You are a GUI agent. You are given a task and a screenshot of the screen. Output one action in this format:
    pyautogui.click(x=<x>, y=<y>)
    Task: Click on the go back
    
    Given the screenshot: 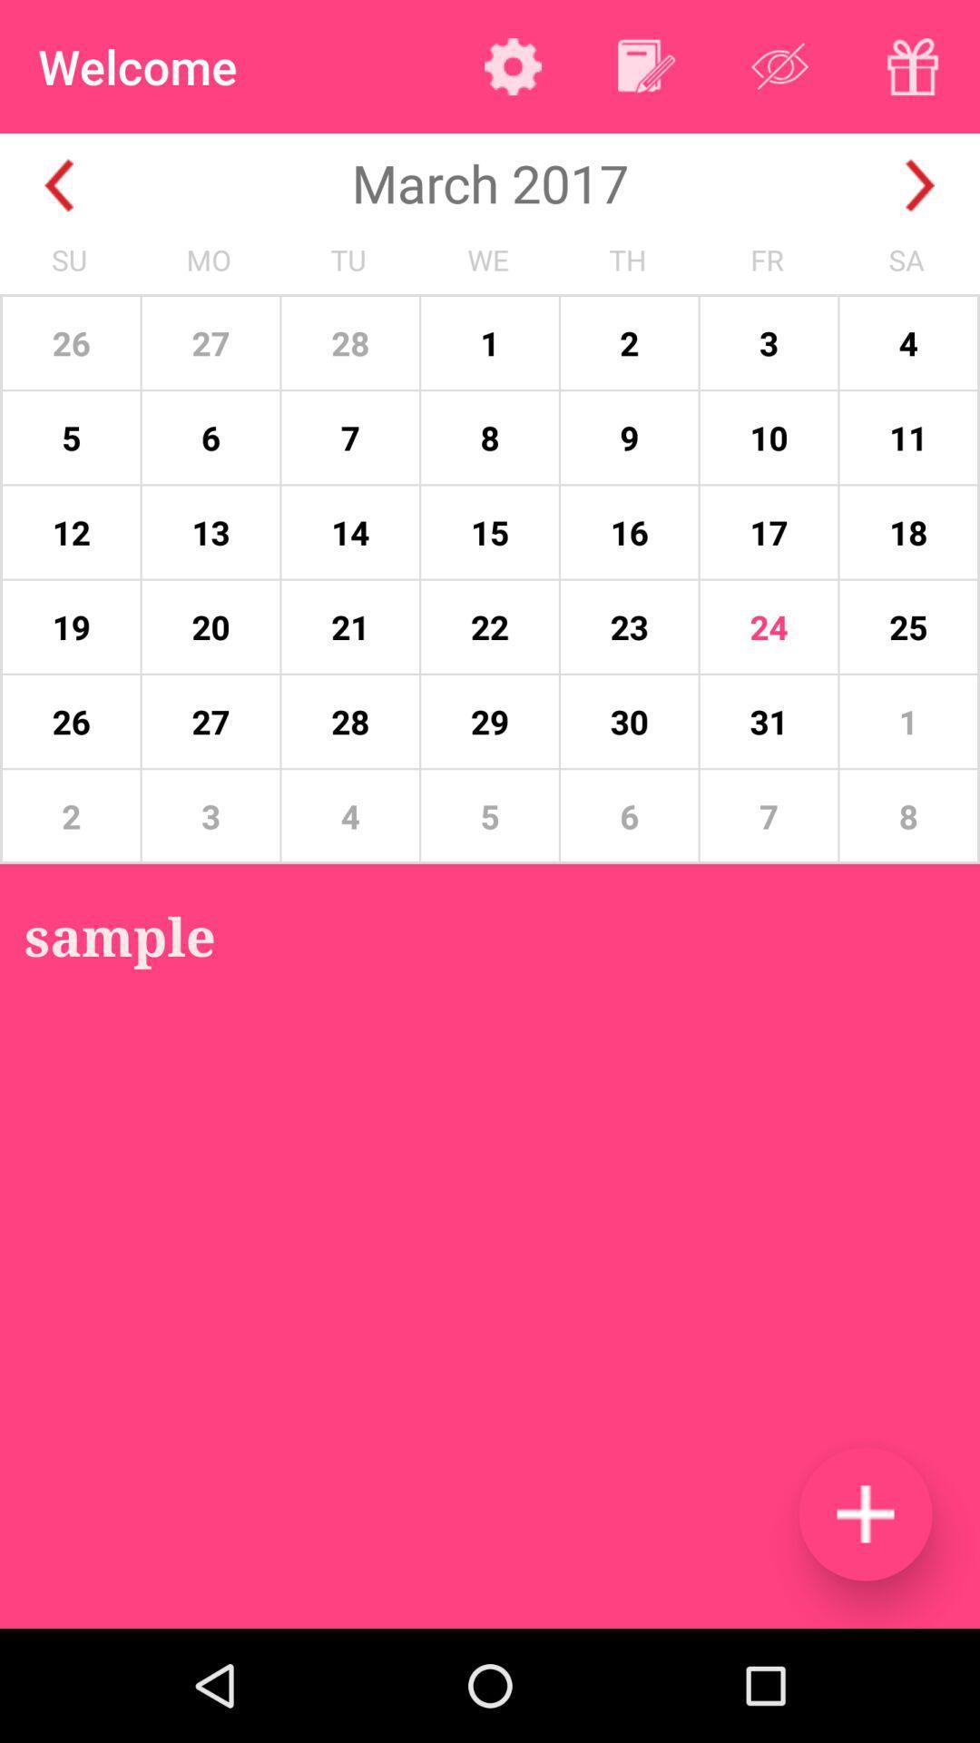 What is the action you would take?
    pyautogui.click(x=58, y=185)
    